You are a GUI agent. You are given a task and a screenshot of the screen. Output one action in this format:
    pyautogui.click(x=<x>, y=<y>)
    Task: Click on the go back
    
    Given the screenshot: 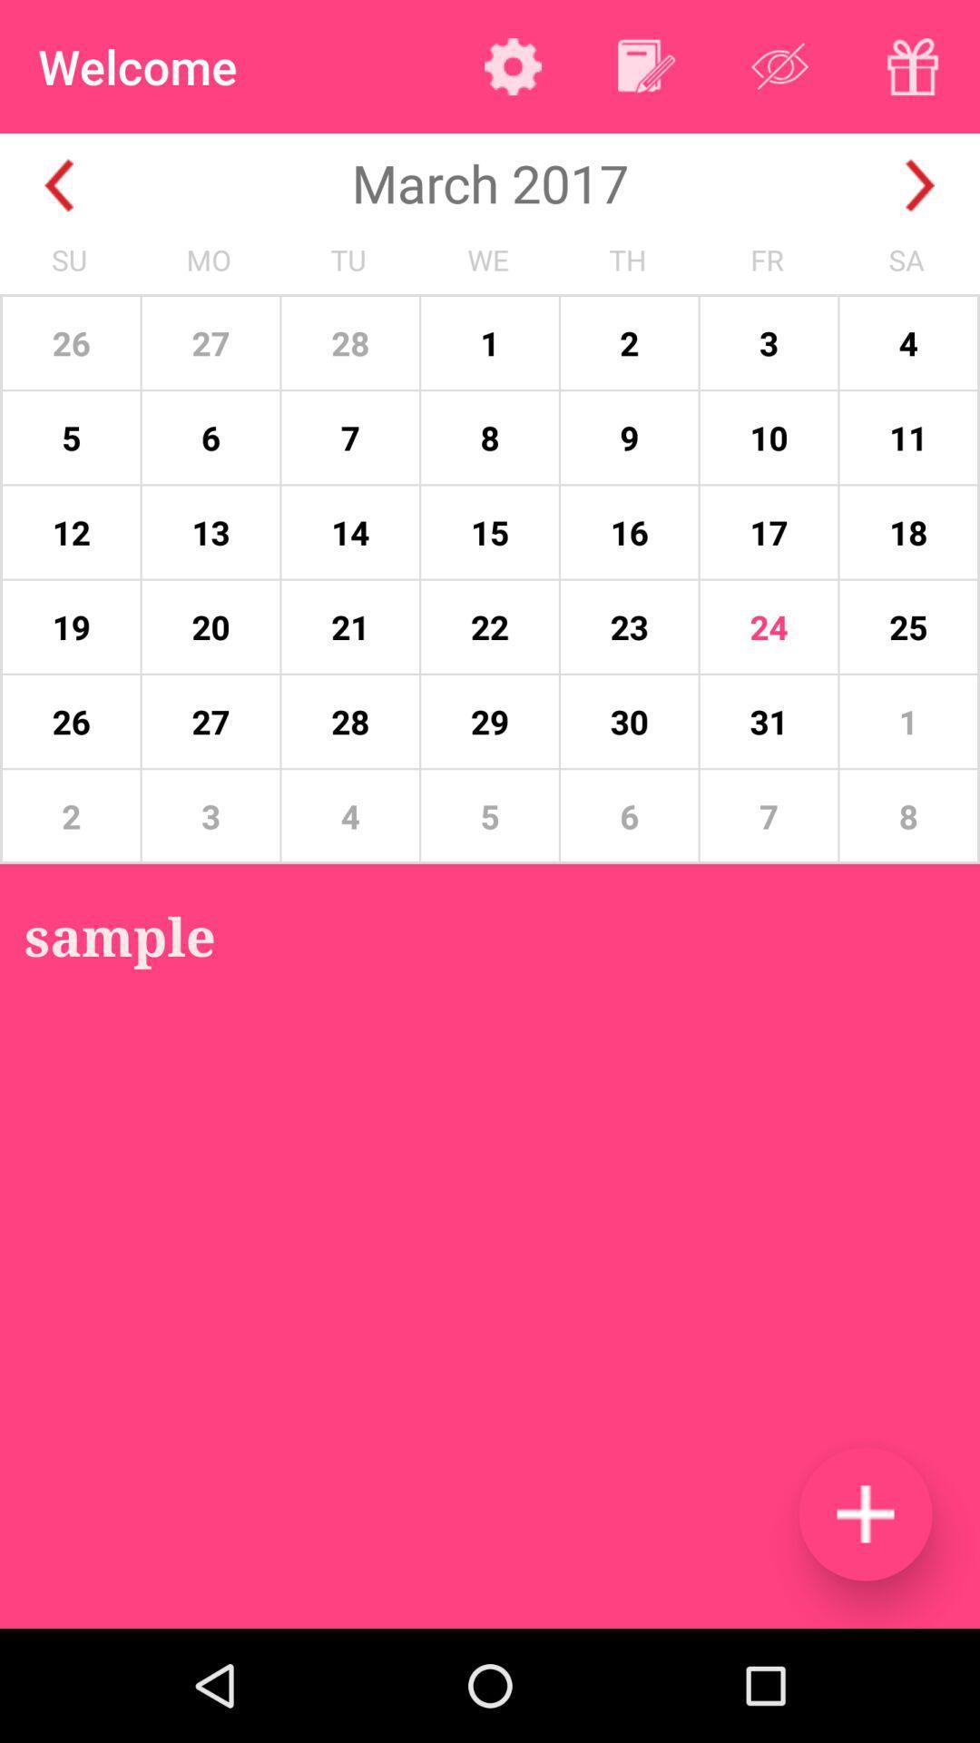 What is the action you would take?
    pyautogui.click(x=58, y=185)
    